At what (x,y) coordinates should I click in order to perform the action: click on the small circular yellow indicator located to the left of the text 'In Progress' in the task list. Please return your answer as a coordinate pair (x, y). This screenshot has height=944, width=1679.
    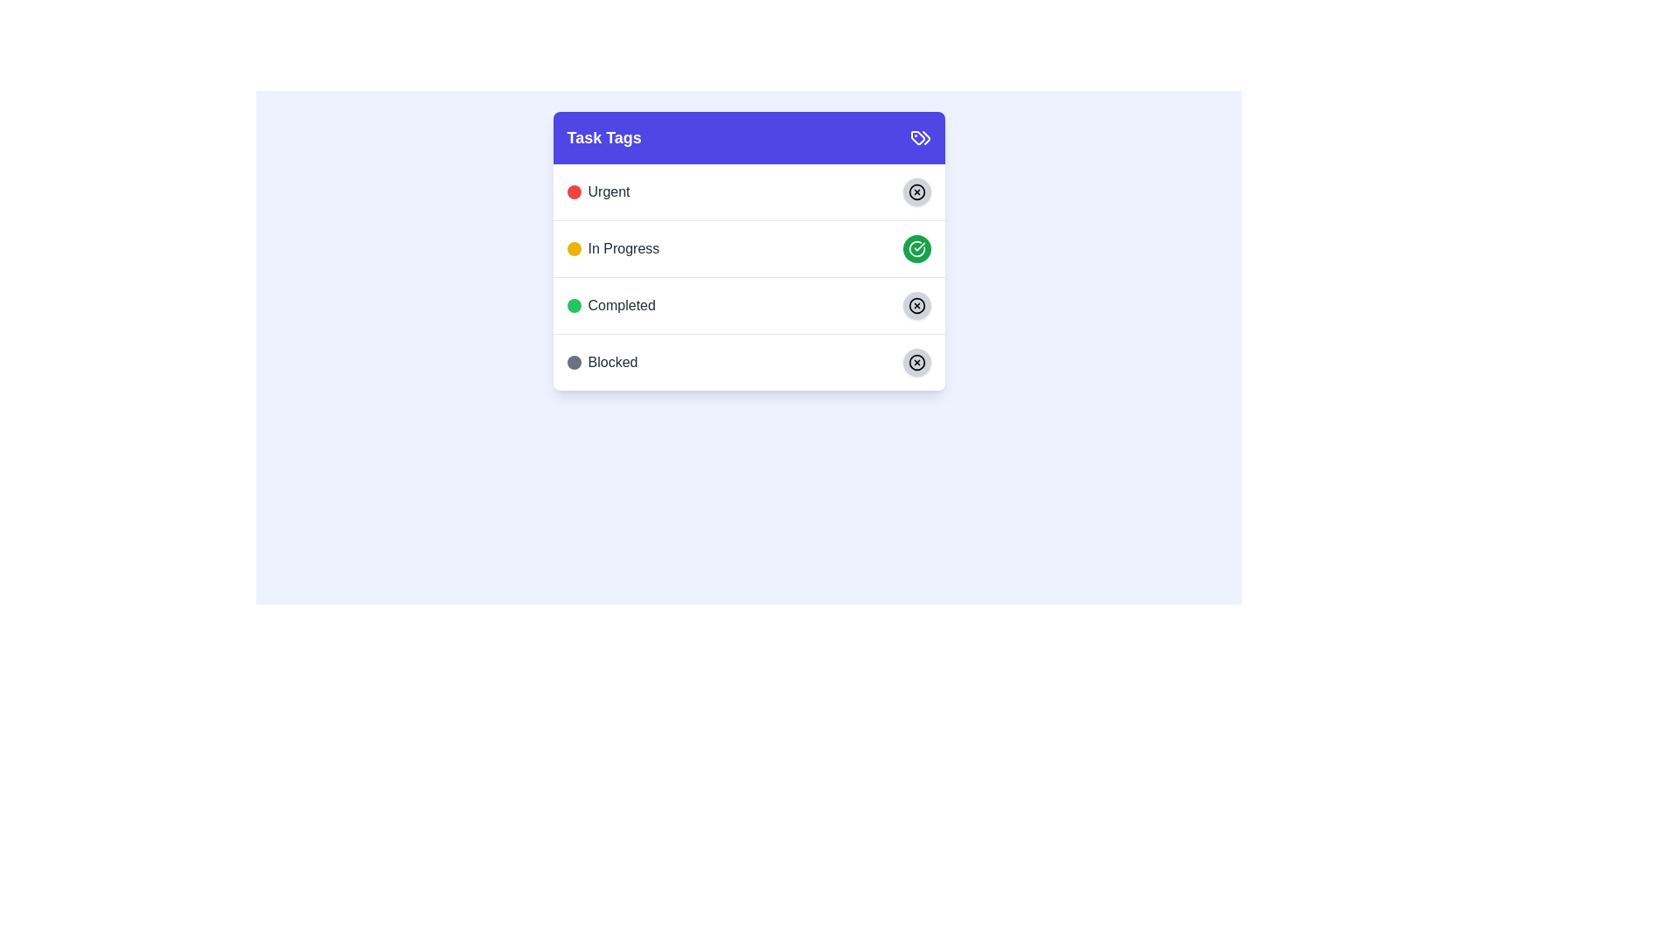
    Looking at the image, I should click on (574, 249).